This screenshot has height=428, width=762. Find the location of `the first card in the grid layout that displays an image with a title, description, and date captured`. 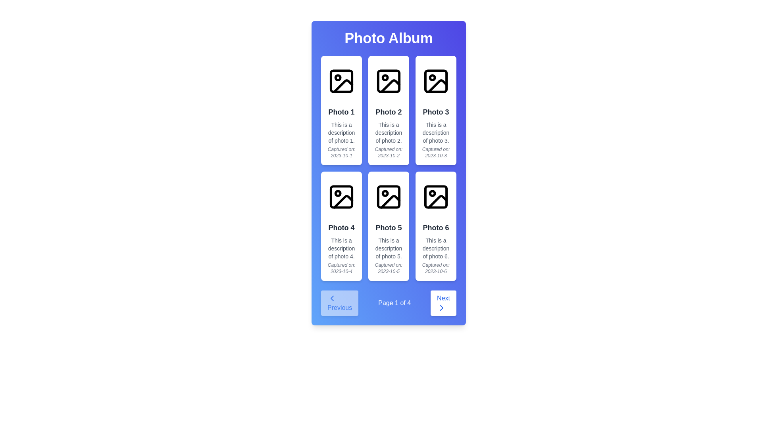

the first card in the grid layout that displays an image with a title, description, and date captured is located at coordinates (341, 110).